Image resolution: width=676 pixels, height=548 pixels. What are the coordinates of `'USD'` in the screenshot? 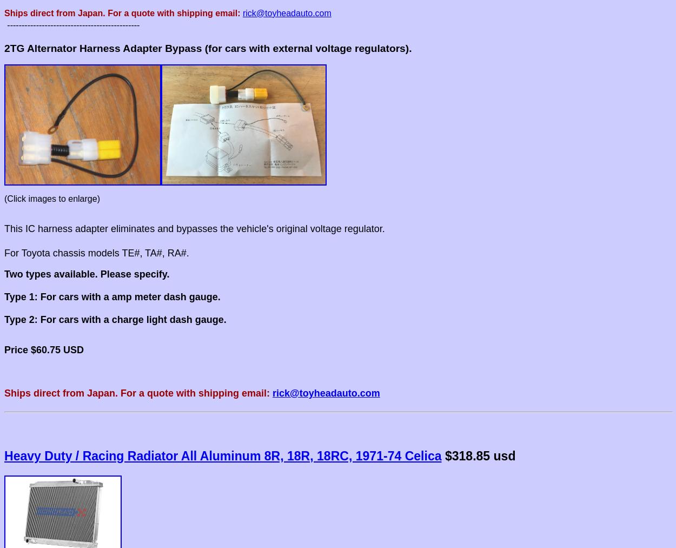 It's located at (74, 348).